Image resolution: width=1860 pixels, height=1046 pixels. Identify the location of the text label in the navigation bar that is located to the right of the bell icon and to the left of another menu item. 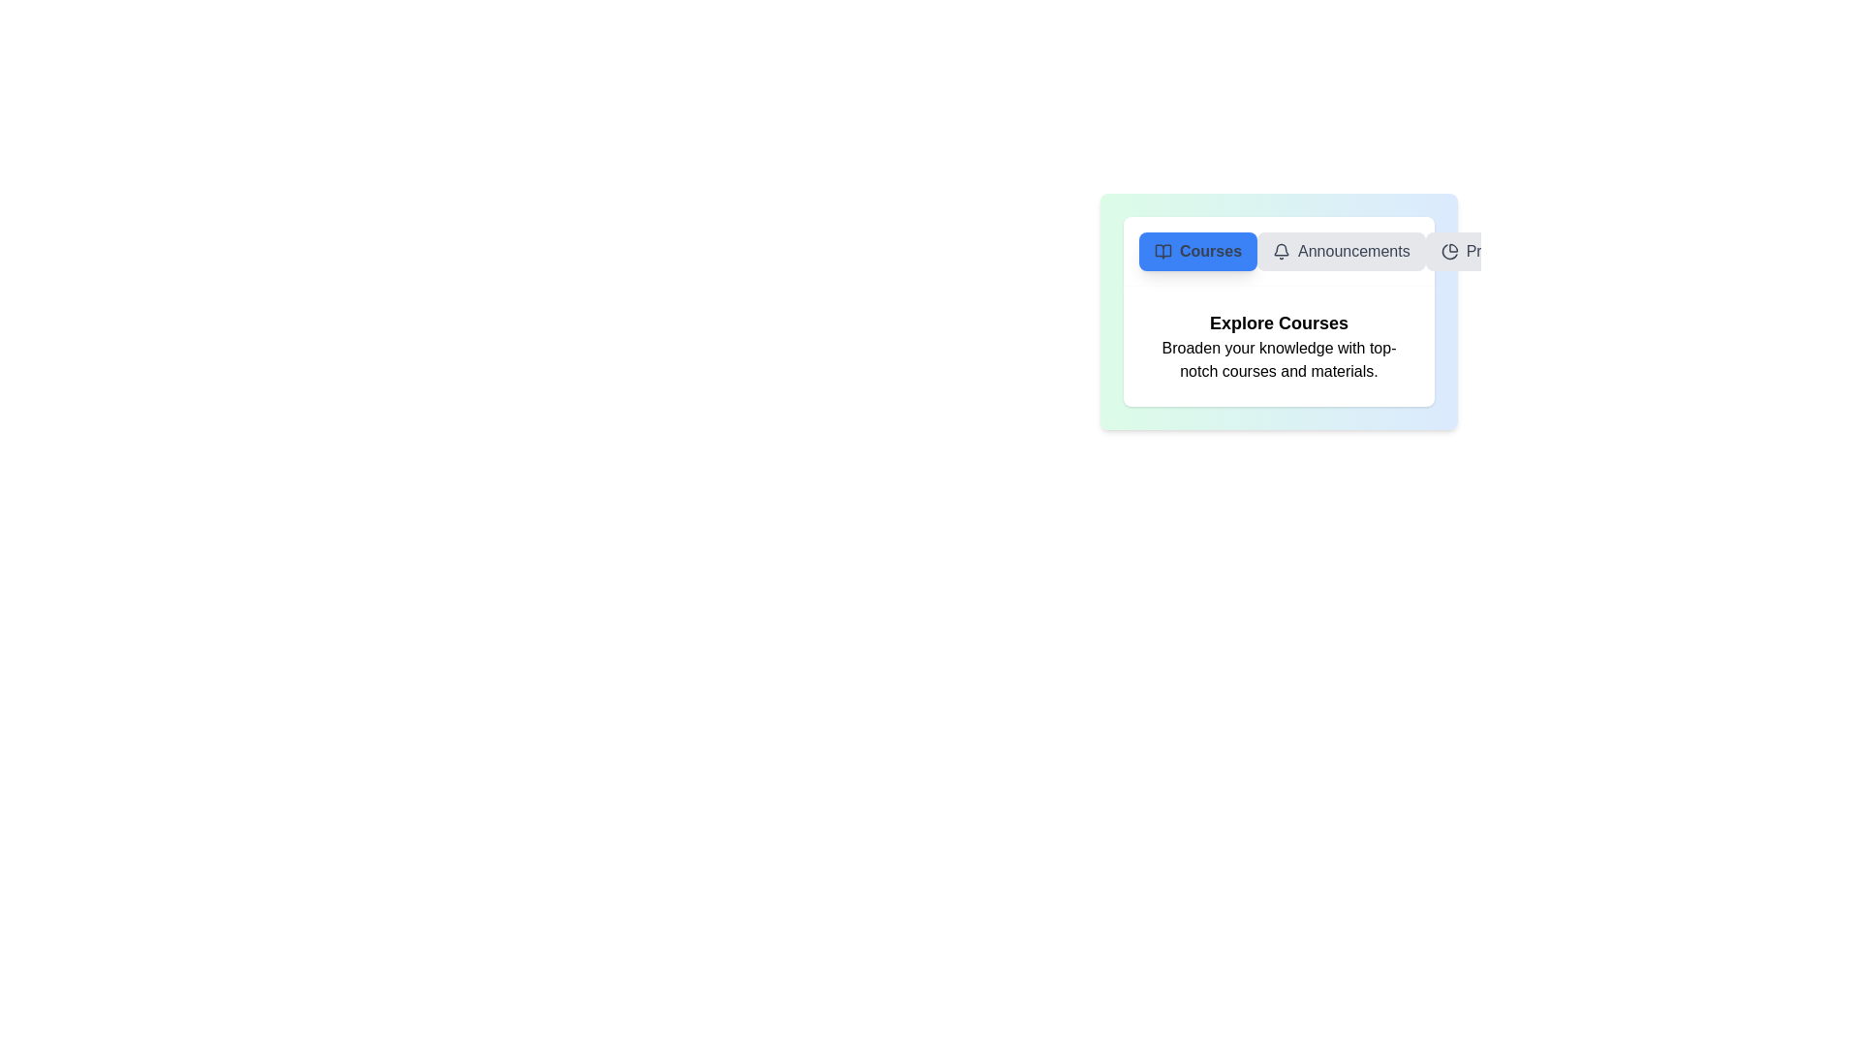
(1352, 250).